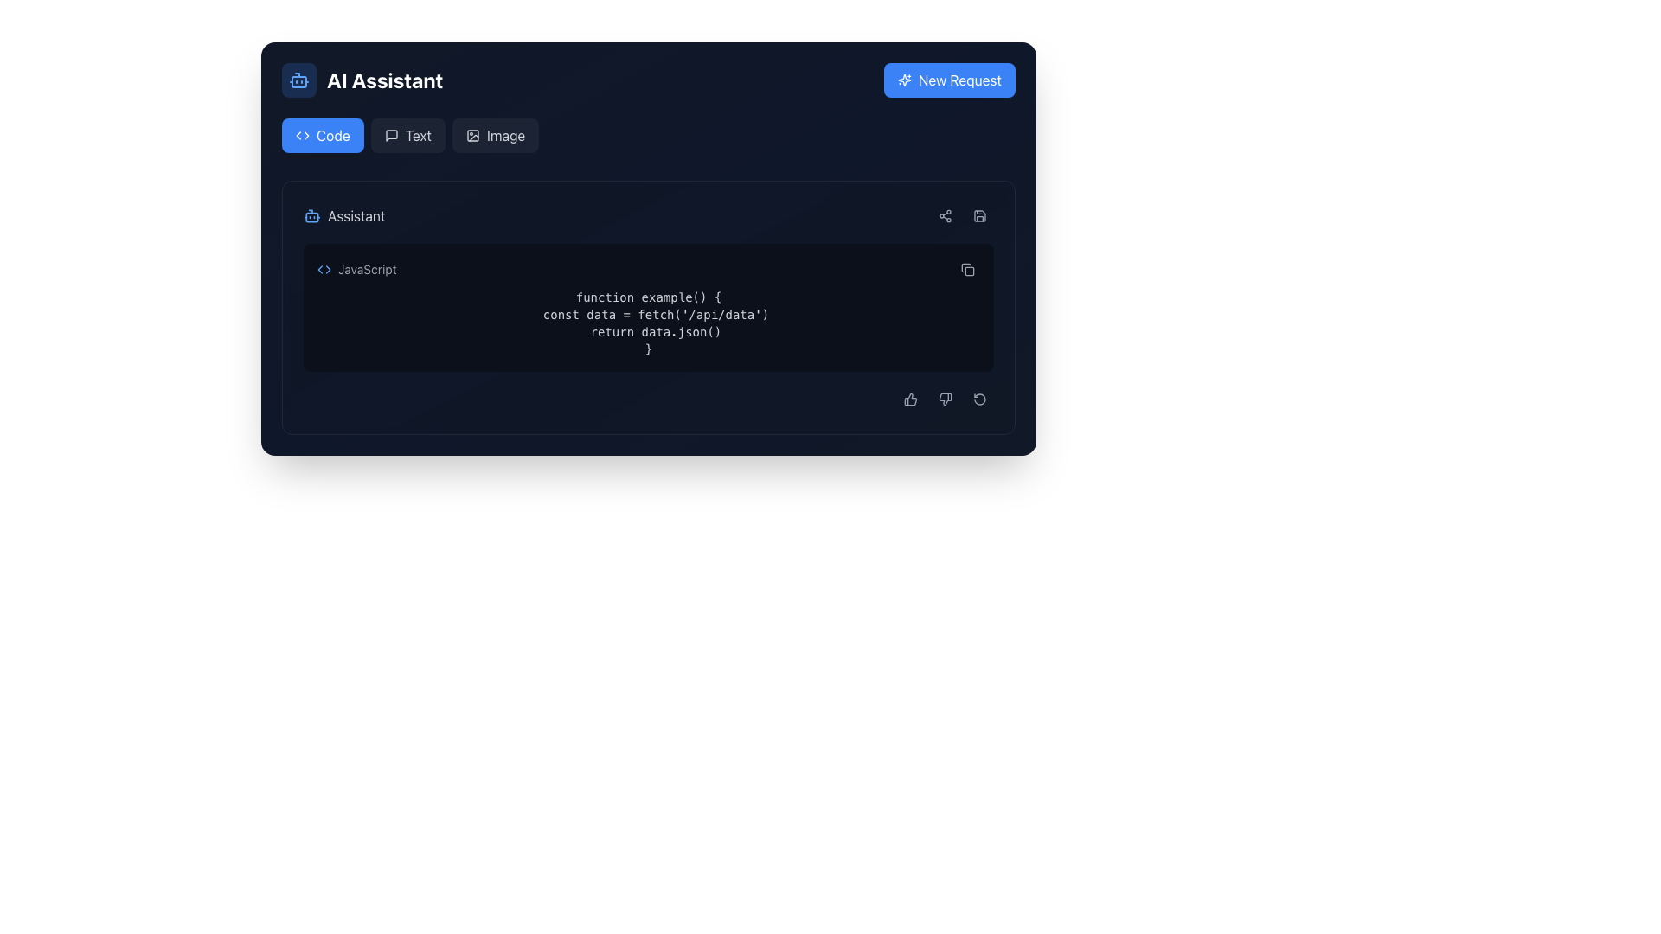 This screenshot has width=1661, height=934. I want to click on the first circular icon button depicting a gray share symbol located at the top right corner of the active section, so click(945, 215).